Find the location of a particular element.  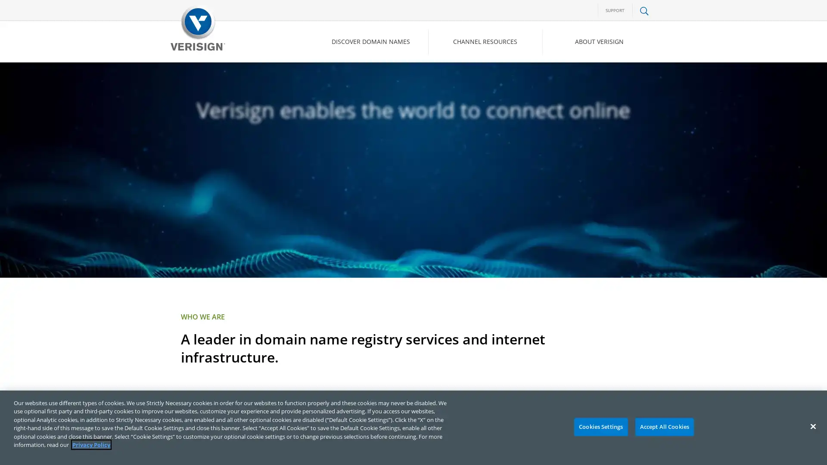

Close is located at coordinates (812, 426).